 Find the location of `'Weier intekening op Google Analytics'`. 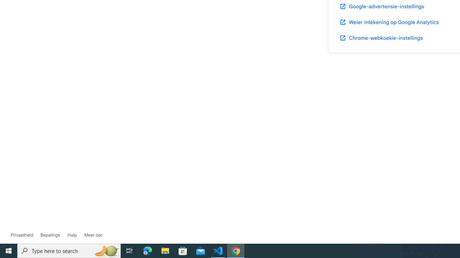

'Weier intekening op Google Analytics' is located at coordinates (388, 21).